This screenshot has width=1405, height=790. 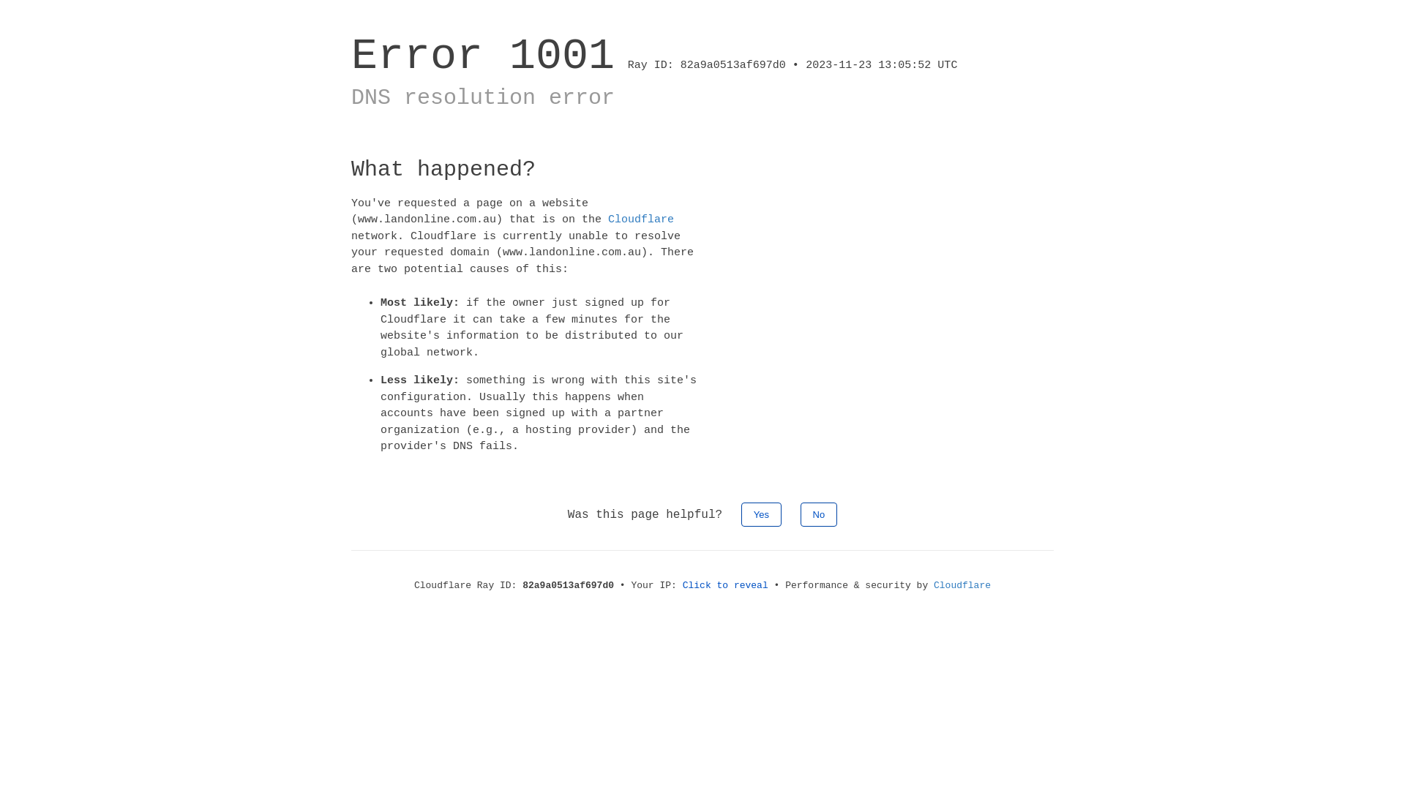 I want to click on 'Cloudflare', so click(x=962, y=584).